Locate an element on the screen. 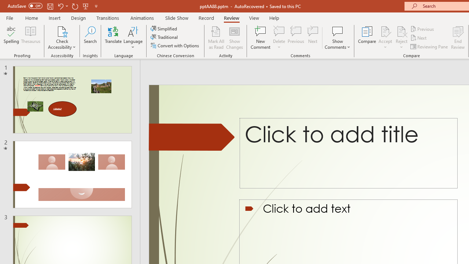 The height and width of the screenshot is (264, 469). 'Compare' is located at coordinates (367, 38).